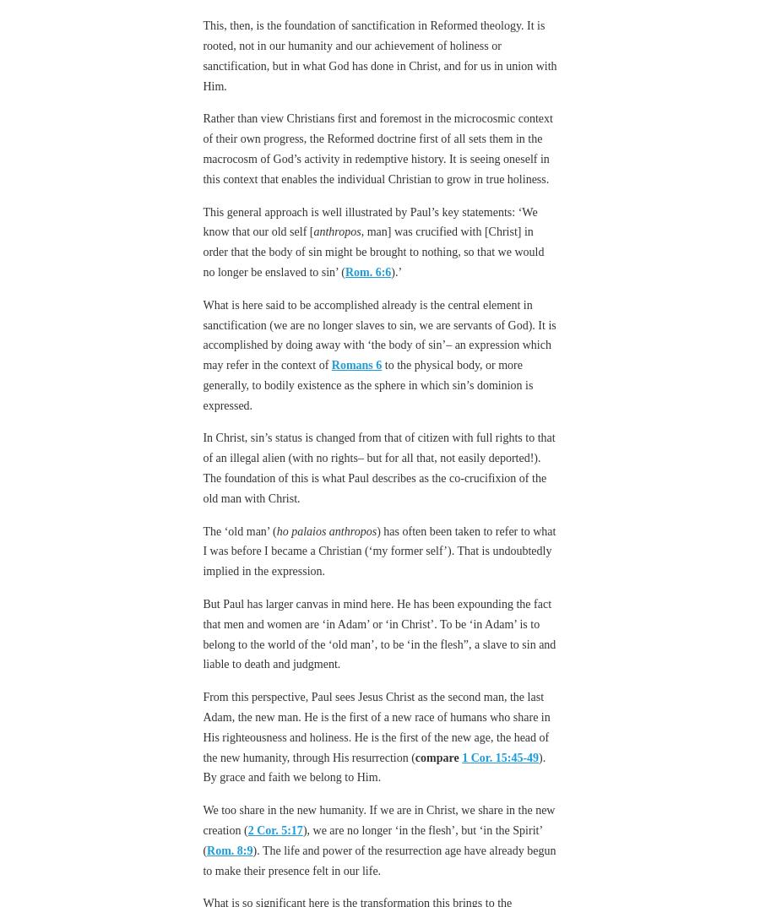 The width and height of the screenshot is (760, 907). What do you see at coordinates (202, 766) in the screenshot?
I see `'). By grace and faith we belong to Him.'` at bounding box center [202, 766].